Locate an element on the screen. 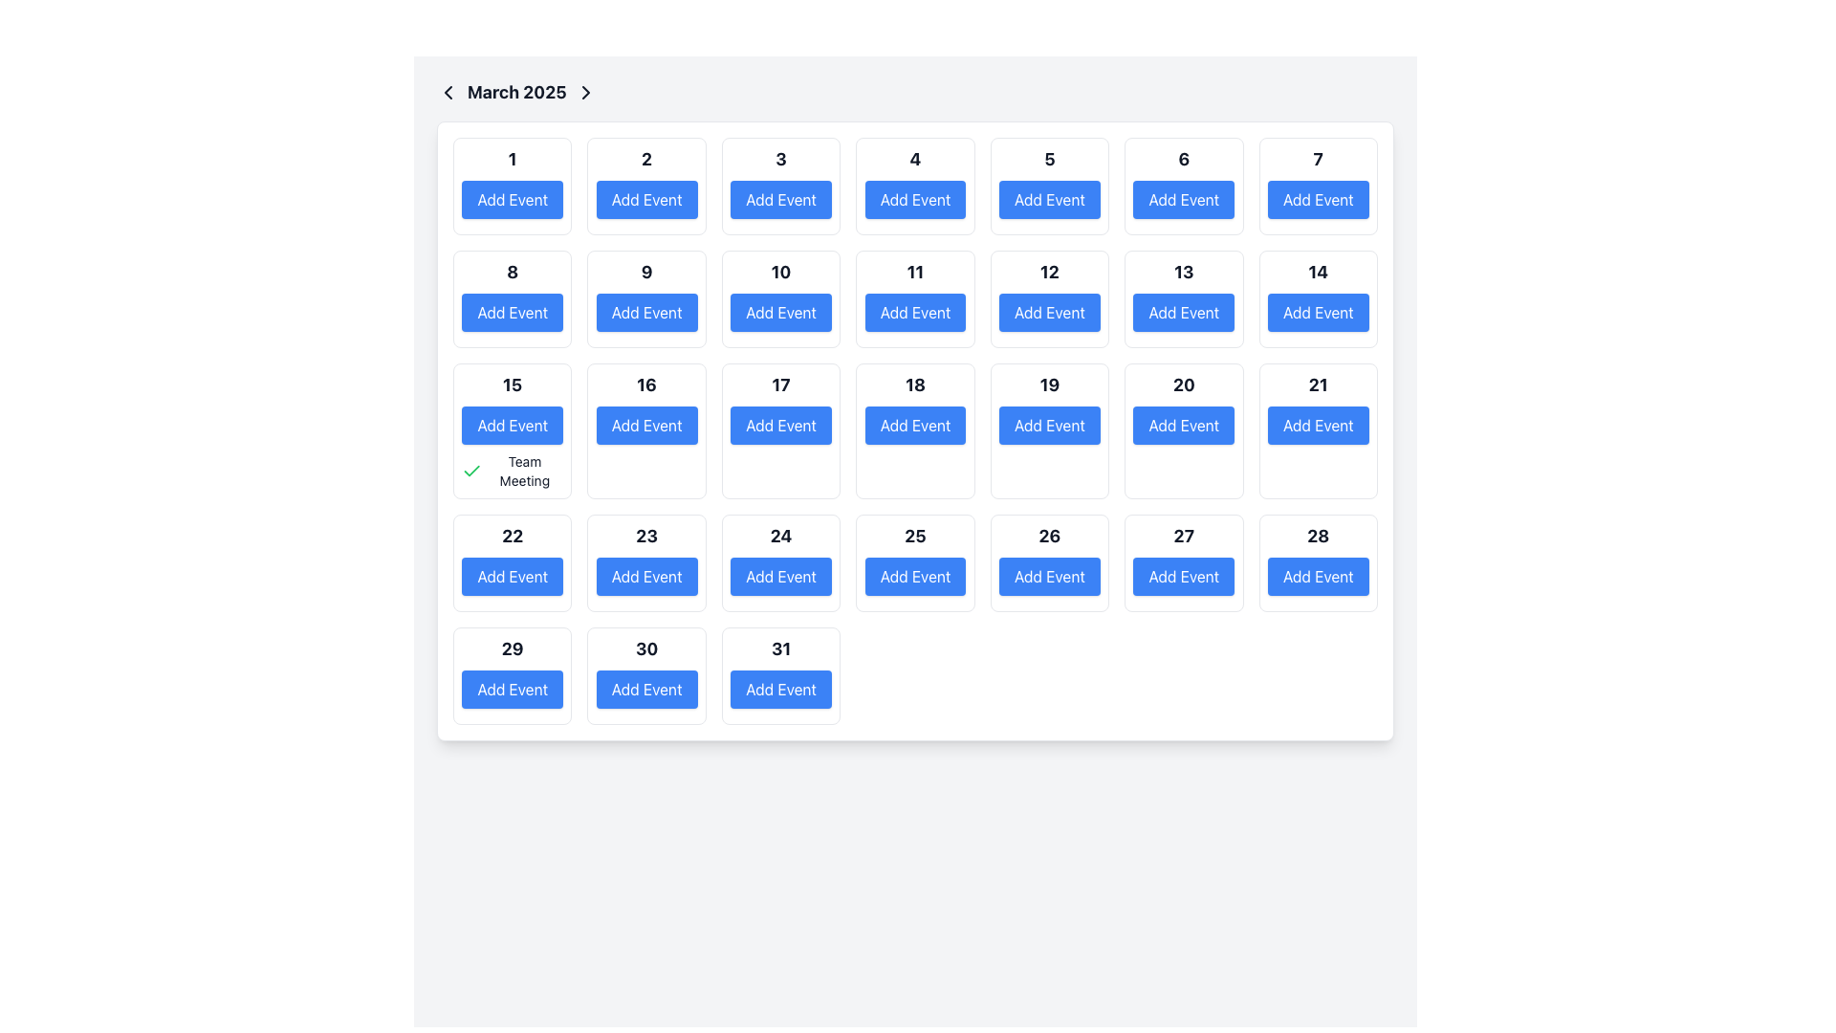  the bold numeric text '16' indicating the date in the calendar cell for March 16, located in the third row and fourth column, above the 'Add Event' button is located at coordinates (646, 385).